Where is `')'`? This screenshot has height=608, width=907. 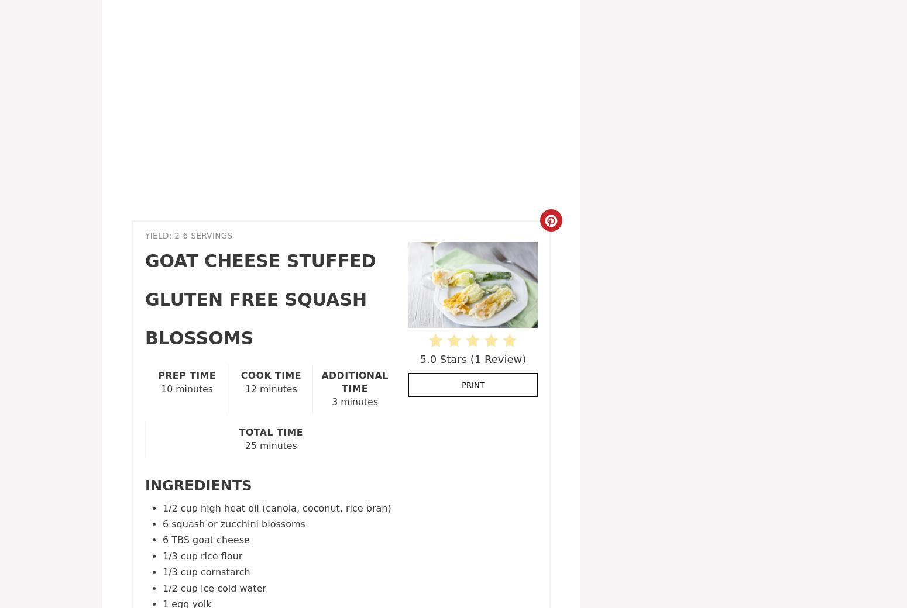
')' is located at coordinates (524, 358).